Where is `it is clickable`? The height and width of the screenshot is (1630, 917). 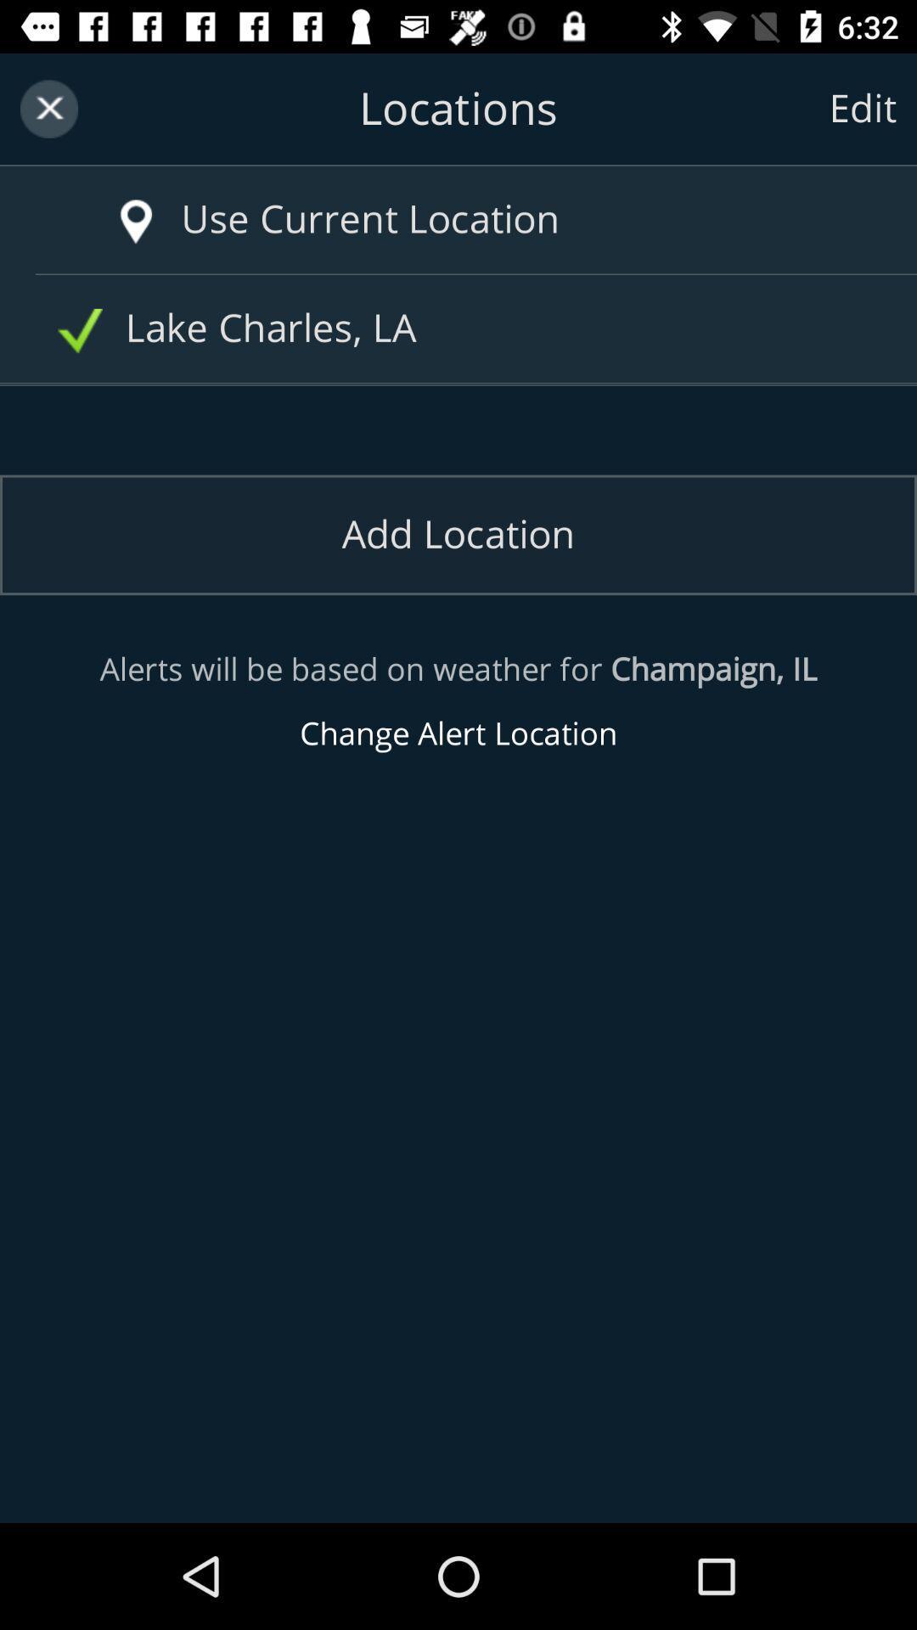
it is clickable is located at coordinates (135, 222).